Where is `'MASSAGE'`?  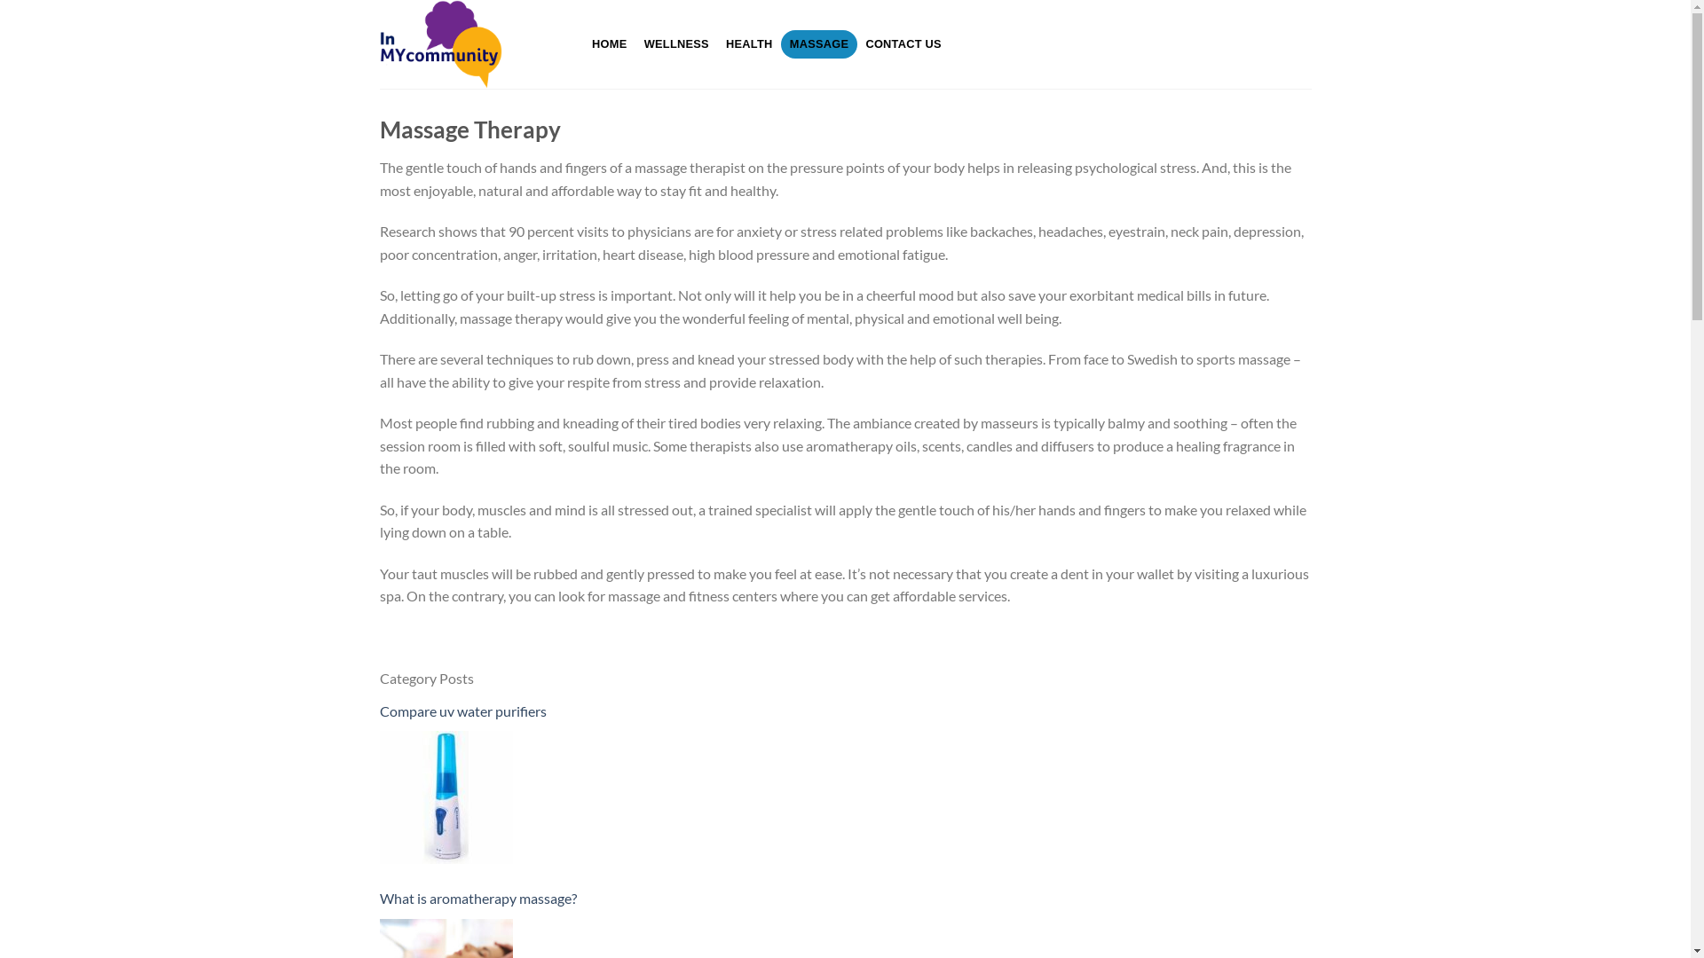
'MASSAGE' is located at coordinates (780, 43).